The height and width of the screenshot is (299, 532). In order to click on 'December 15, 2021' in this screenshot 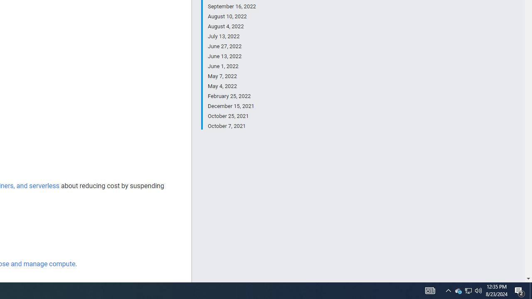, I will do `click(232, 105)`.